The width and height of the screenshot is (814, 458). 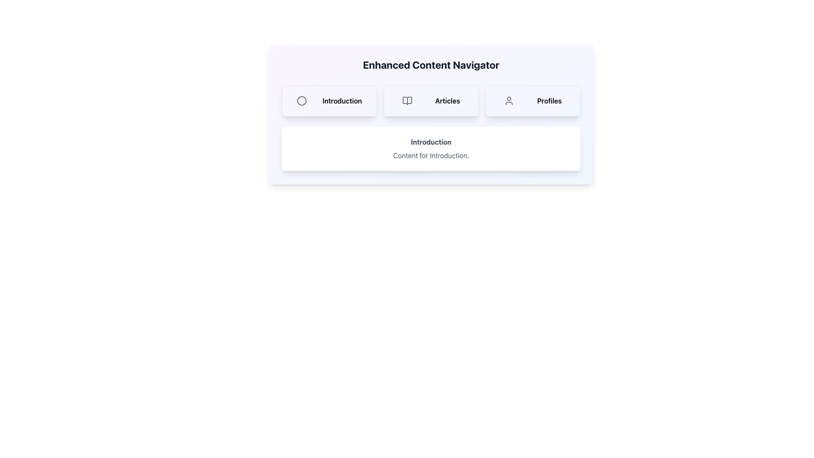 I want to click on the text element that reads 'Content for Introduction', which is styled in a subtle gray font and located below the bolded title 'Introduction', so click(x=431, y=155).